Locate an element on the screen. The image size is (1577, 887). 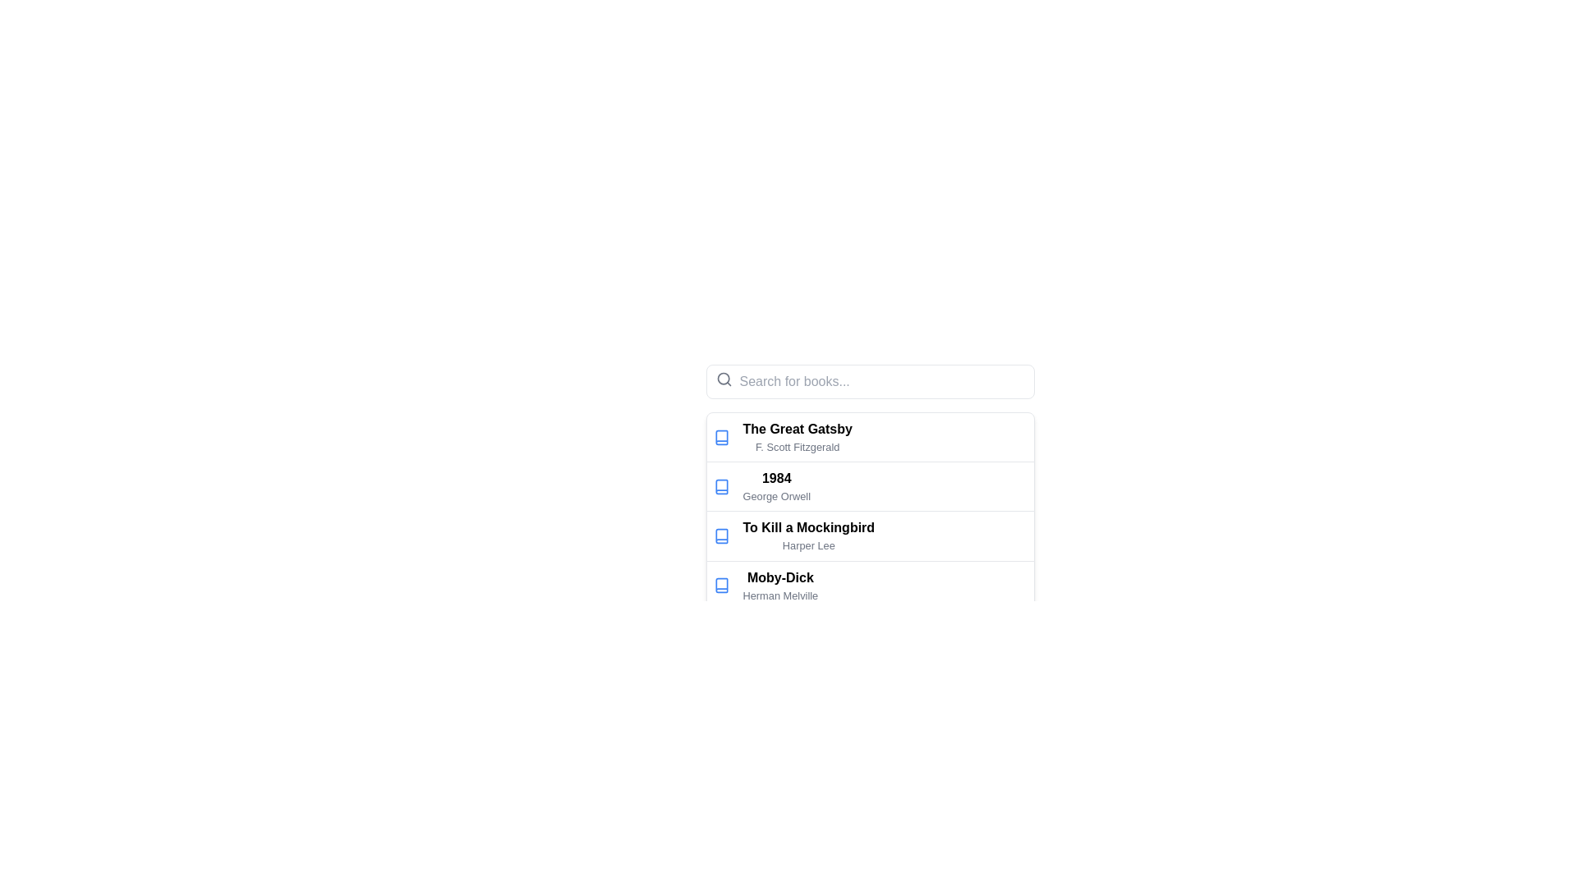
the blue book icon located at the top-left corner of the row for 'Moby-Dick' by Herman Melville is located at coordinates (721, 585).